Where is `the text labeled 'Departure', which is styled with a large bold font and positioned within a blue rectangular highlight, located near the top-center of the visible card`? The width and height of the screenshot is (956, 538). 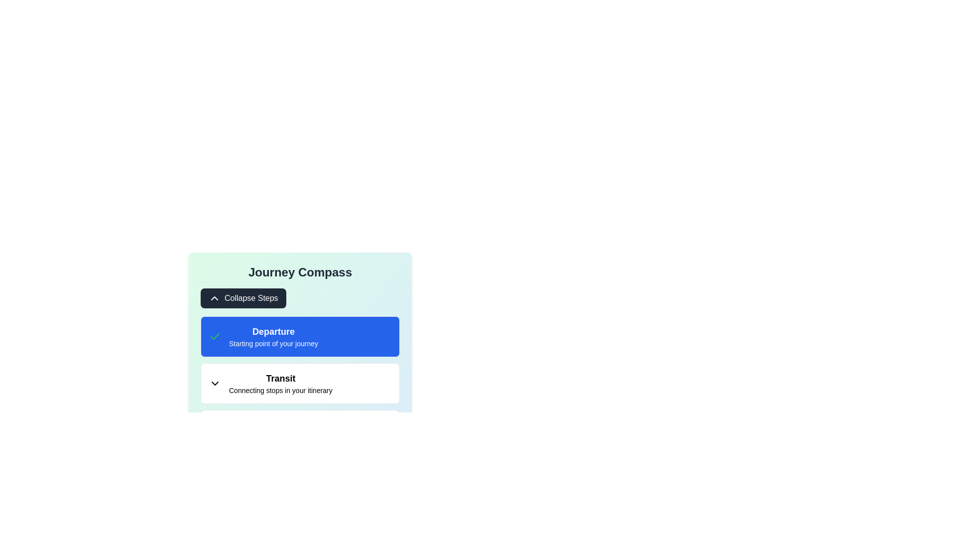 the text labeled 'Departure', which is styled with a large bold font and positioned within a blue rectangular highlight, located near the top-center of the visible card is located at coordinates (273, 332).